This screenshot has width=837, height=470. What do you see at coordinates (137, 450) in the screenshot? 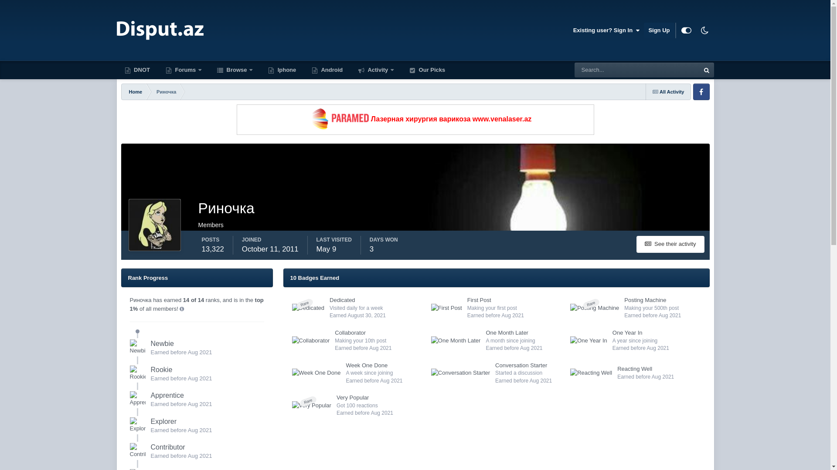
I see `'Rank: Contributor (5/14)'` at bounding box center [137, 450].